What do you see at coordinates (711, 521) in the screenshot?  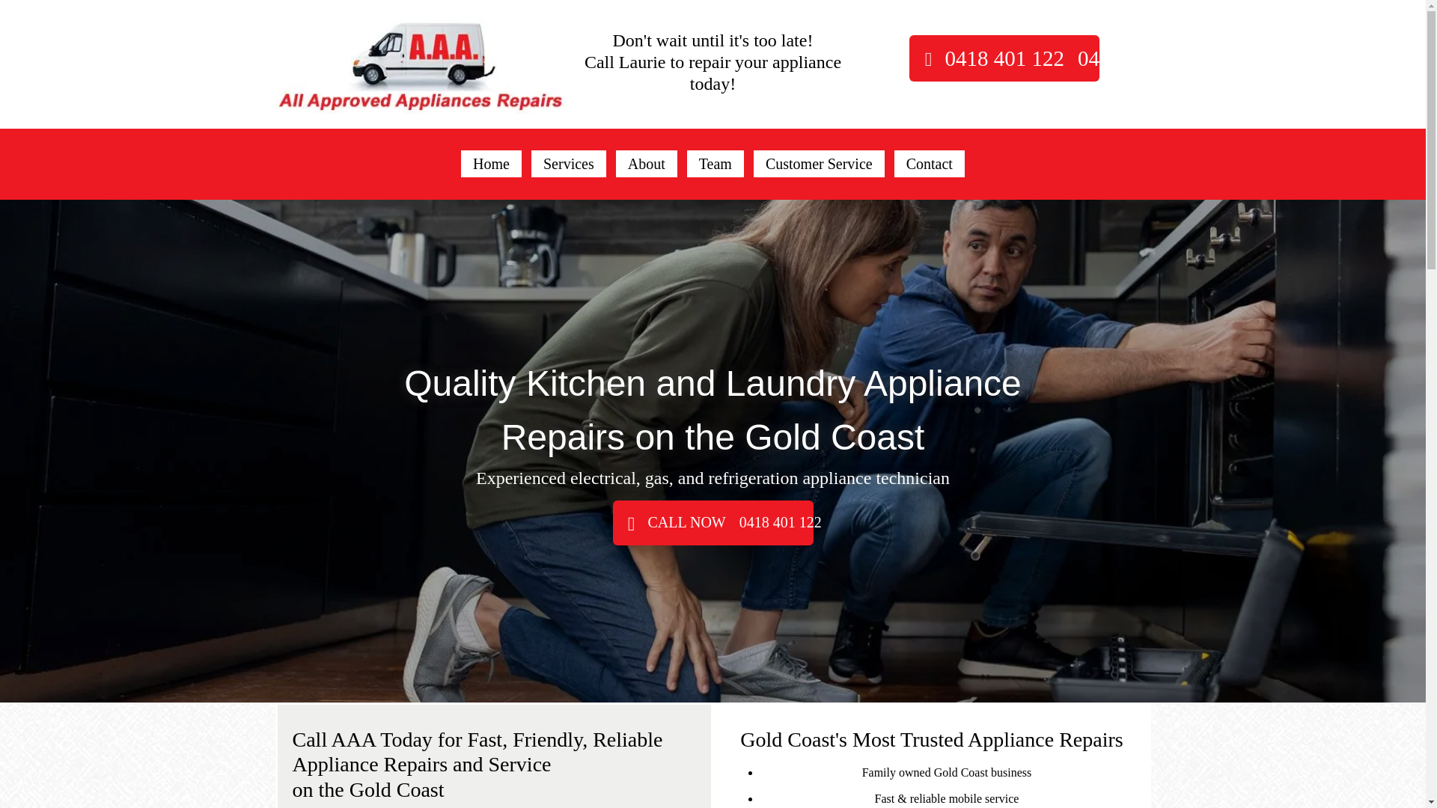 I see `'CALL NOW 0418 401 122'` at bounding box center [711, 521].